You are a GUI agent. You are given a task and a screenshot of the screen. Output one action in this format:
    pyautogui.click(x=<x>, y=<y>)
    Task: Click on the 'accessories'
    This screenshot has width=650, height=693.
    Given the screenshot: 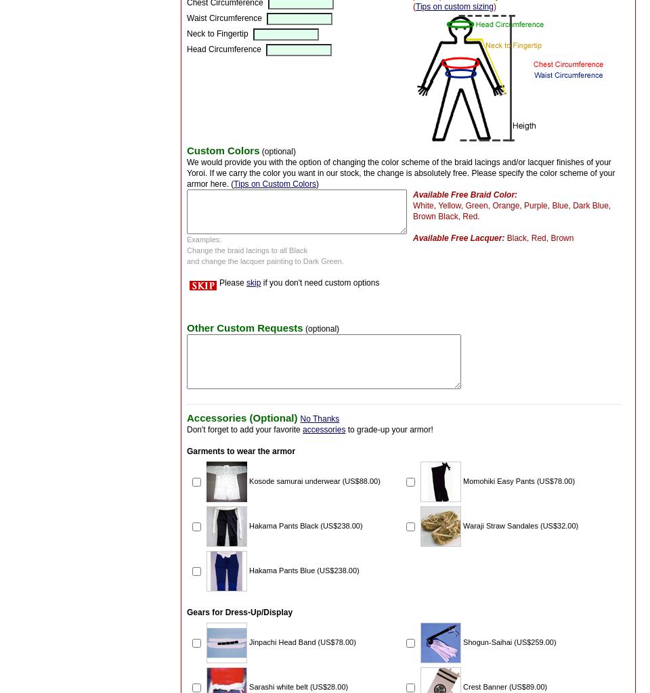 What is the action you would take?
    pyautogui.click(x=324, y=428)
    